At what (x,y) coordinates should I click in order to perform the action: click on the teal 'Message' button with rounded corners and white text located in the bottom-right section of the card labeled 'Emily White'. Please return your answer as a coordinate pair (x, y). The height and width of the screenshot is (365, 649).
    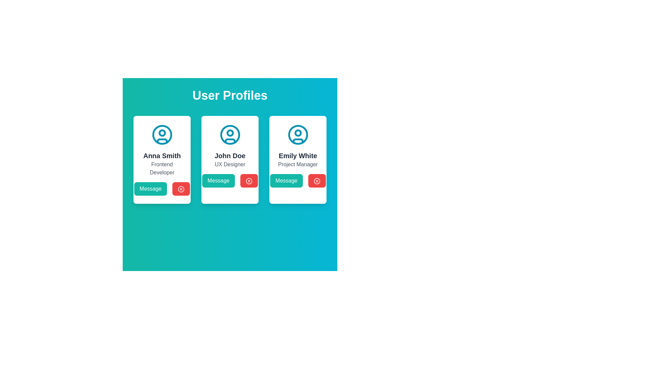
    Looking at the image, I should click on (297, 180).